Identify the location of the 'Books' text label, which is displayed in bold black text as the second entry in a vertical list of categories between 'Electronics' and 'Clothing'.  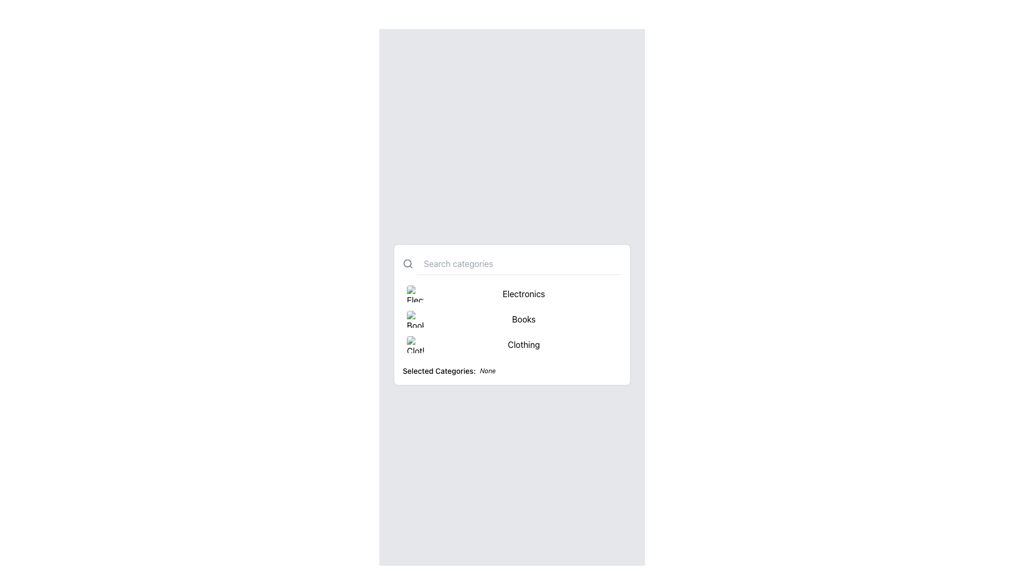
(523, 318).